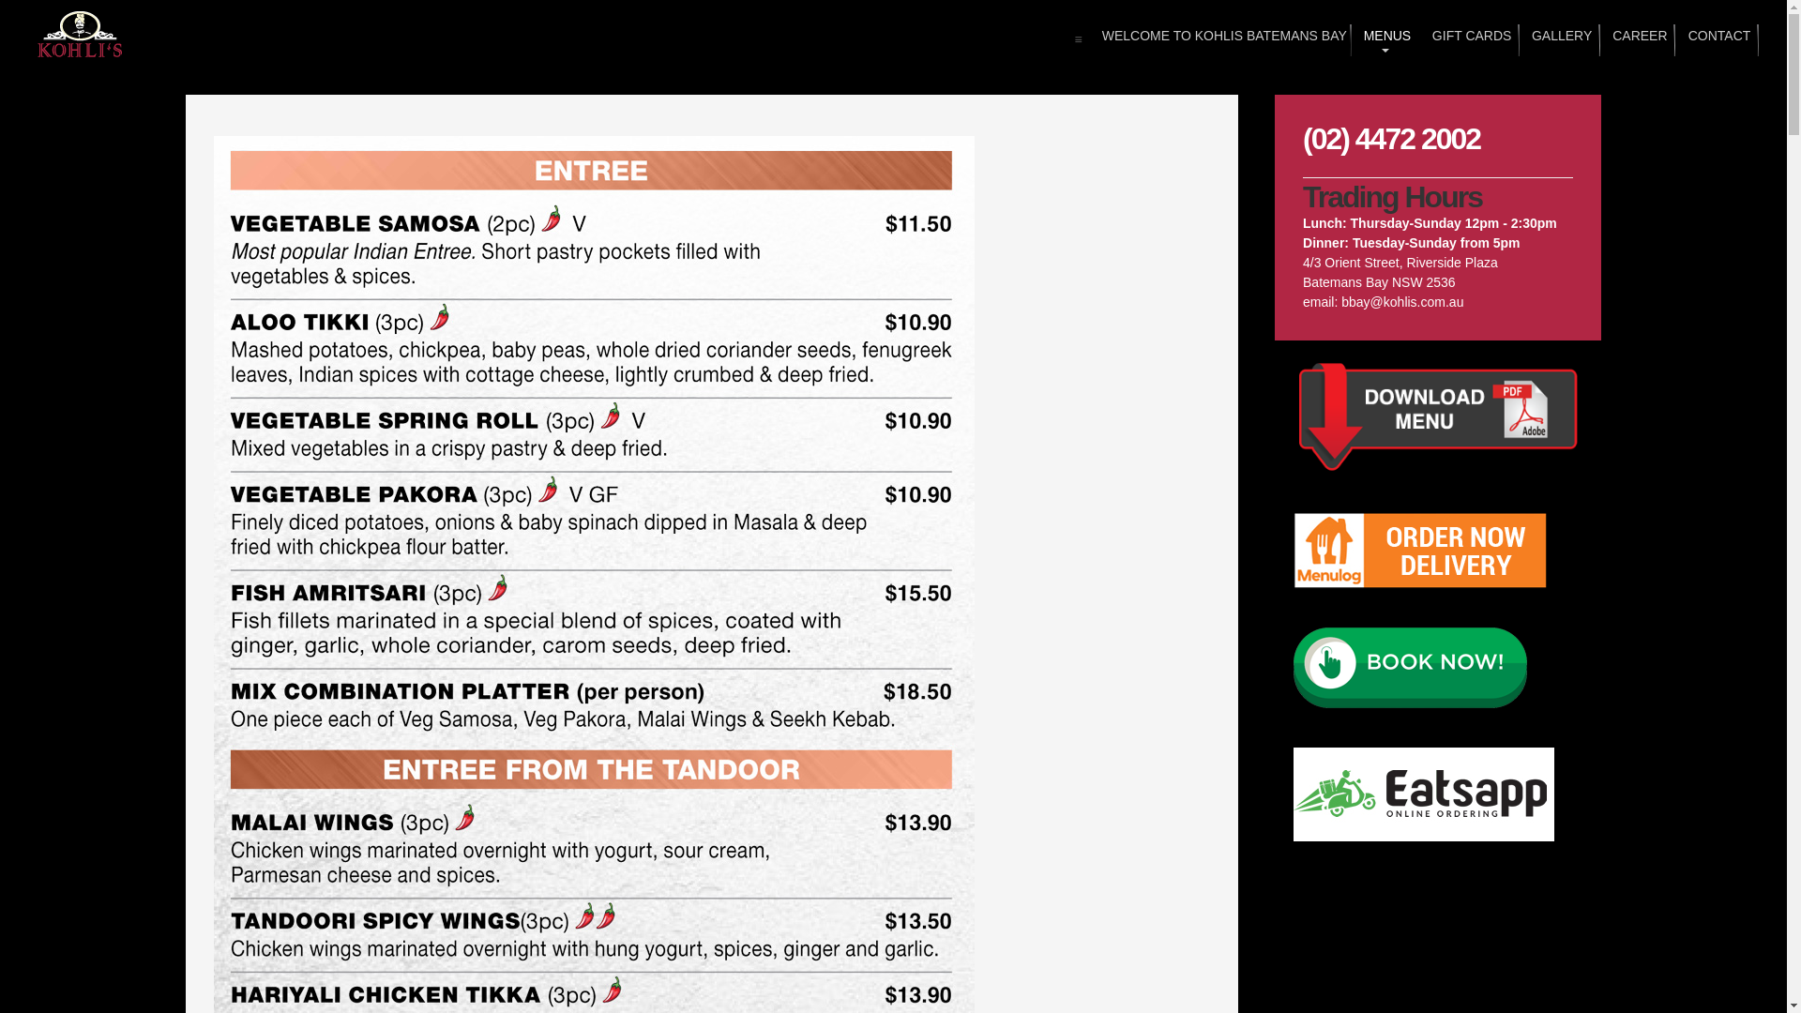 The height and width of the screenshot is (1013, 1801). What do you see at coordinates (1218, 39) in the screenshot?
I see `'WELCOME TO KOHLIS BATEMANS BAY'` at bounding box center [1218, 39].